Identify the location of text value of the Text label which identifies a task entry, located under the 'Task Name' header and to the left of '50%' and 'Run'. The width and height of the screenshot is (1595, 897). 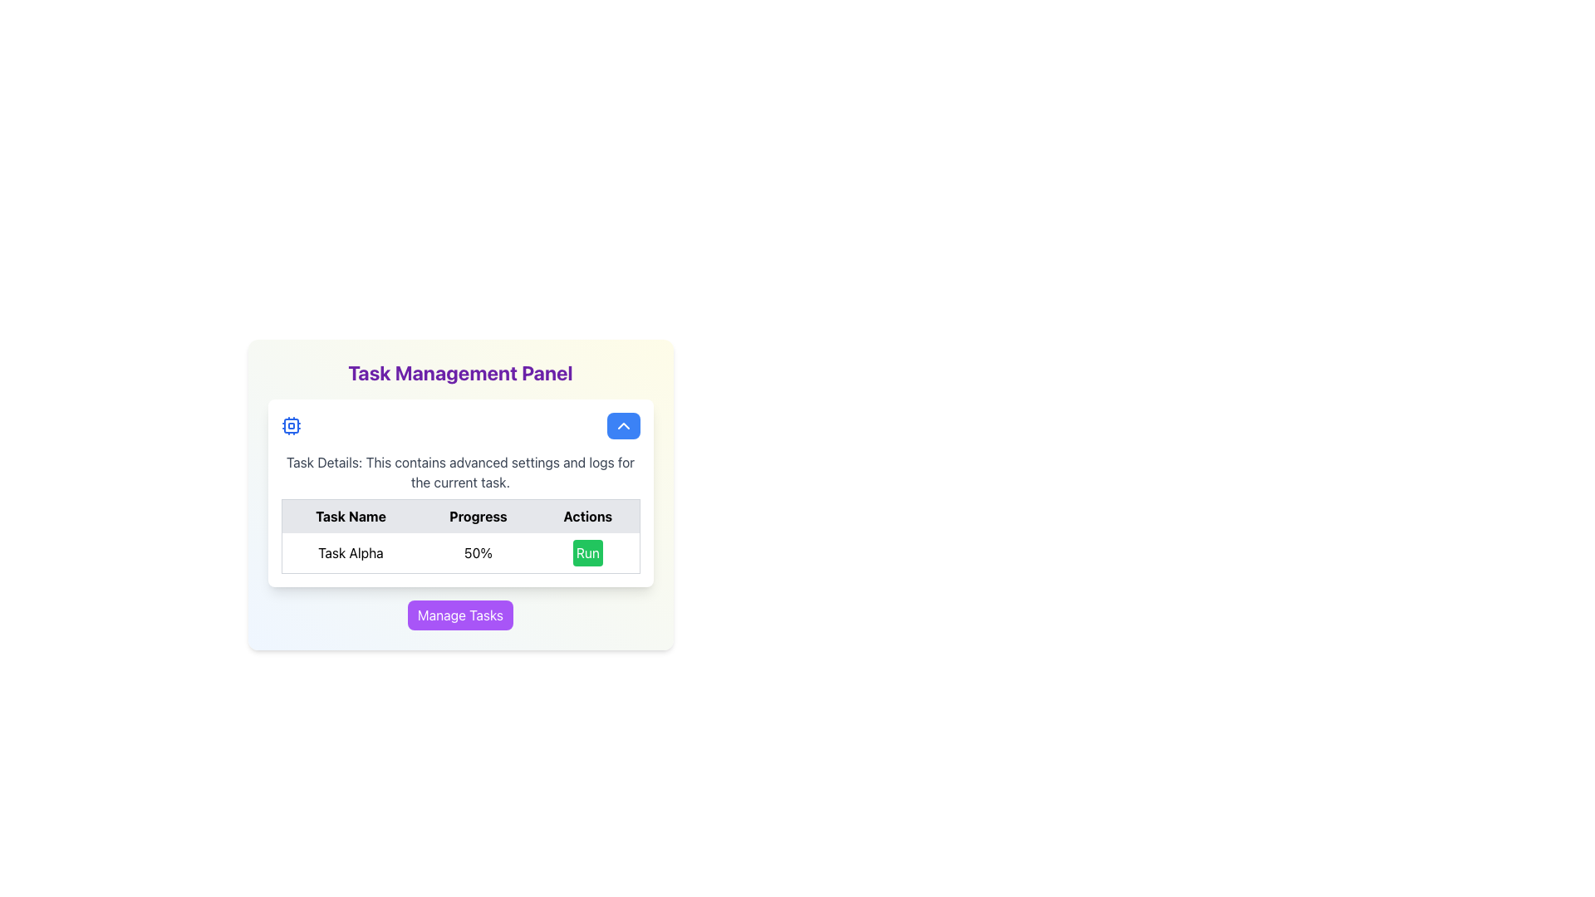
(350, 553).